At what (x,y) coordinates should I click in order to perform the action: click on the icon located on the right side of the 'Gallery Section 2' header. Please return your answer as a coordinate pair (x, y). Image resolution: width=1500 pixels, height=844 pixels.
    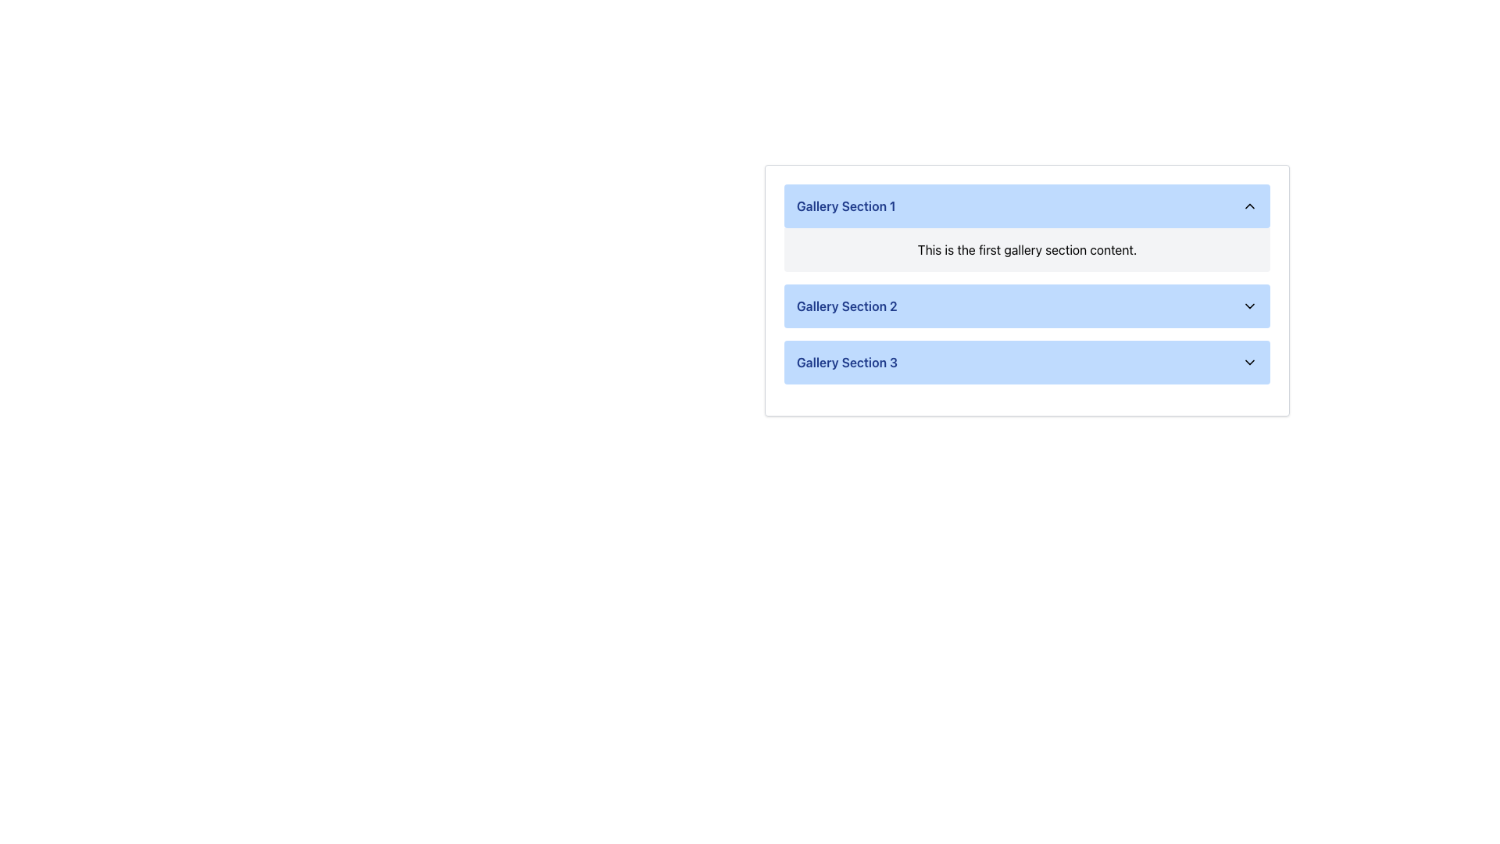
    Looking at the image, I should click on (1248, 306).